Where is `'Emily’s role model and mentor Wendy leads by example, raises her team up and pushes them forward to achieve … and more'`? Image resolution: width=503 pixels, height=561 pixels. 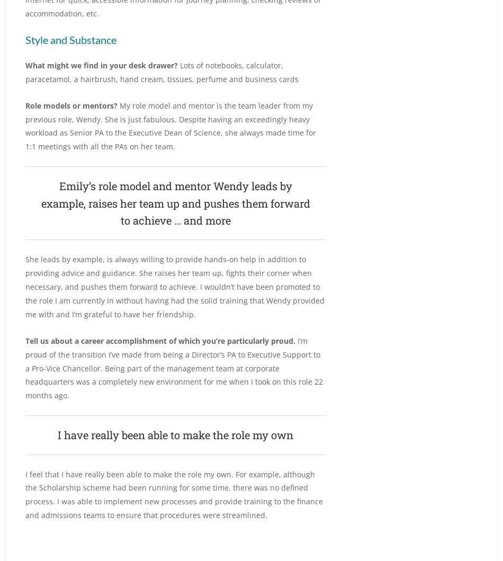
'Emily’s role model and mentor Wendy leads by example, raises her team up and pushes them forward to achieve … and more' is located at coordinates (174, 202).